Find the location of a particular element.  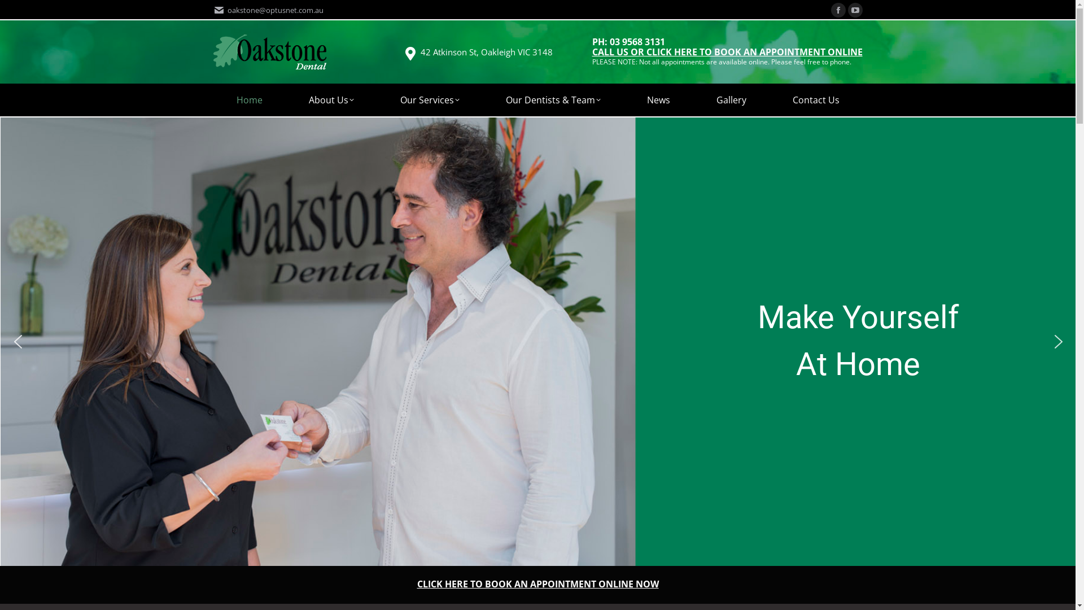

'About Us' is located at coordinates (285, 99).